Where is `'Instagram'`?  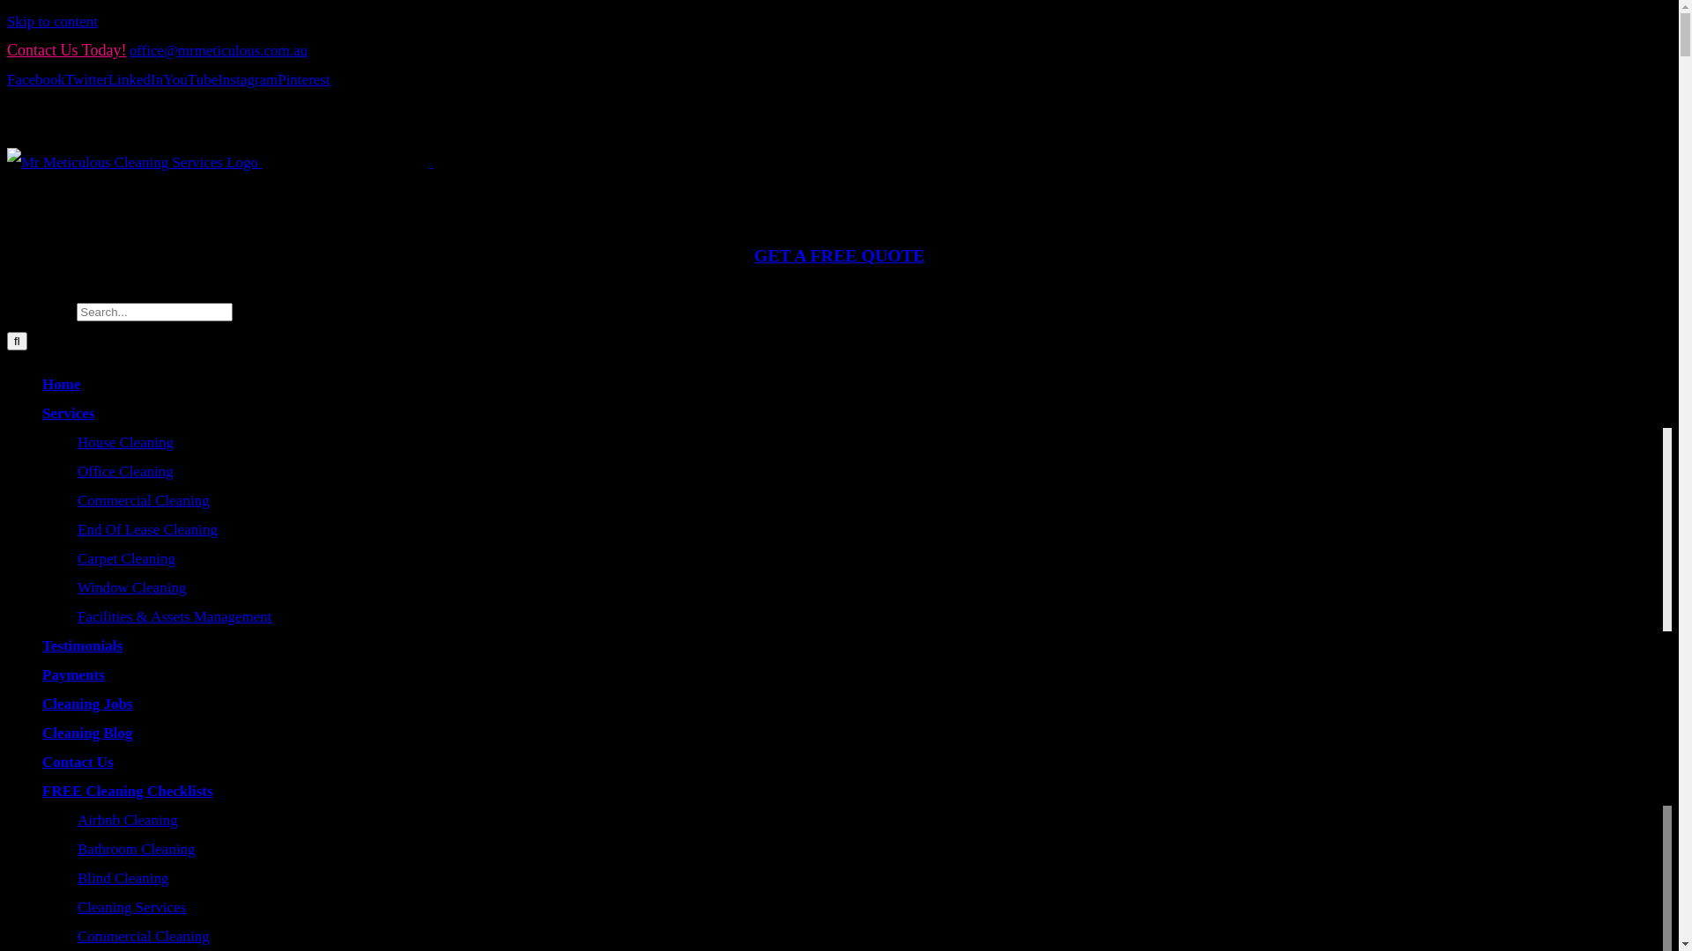 'Instagram' is located at coordinates (247, 79).